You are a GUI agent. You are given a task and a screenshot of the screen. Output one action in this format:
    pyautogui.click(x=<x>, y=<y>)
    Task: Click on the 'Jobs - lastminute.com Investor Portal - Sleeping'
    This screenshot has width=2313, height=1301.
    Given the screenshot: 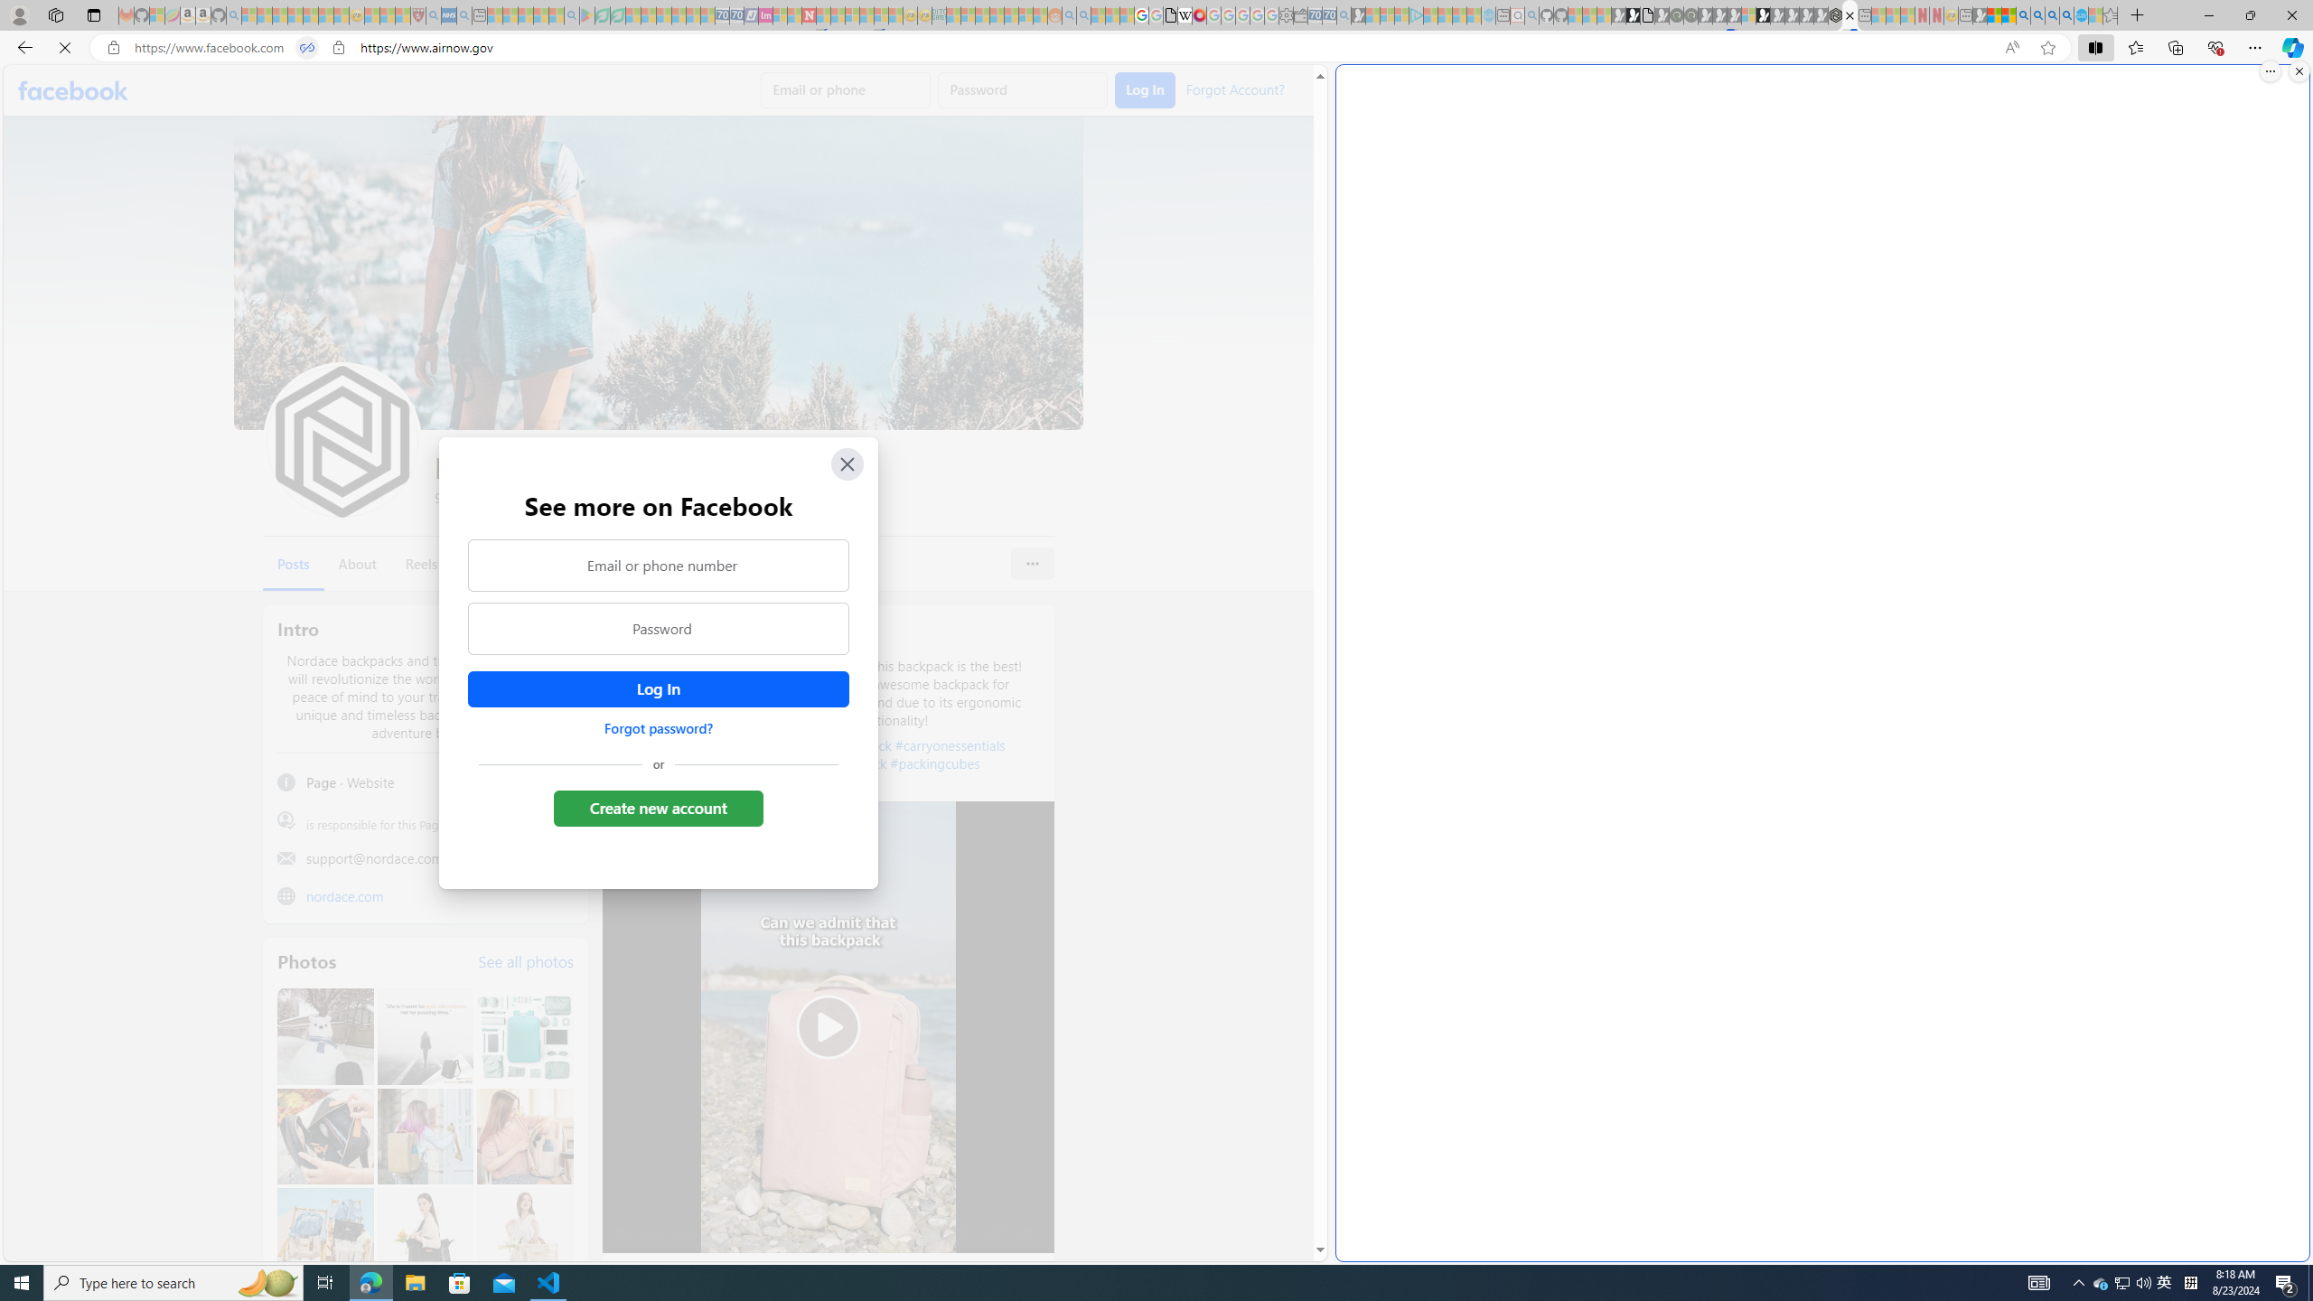 What is the action you would take?
    pyautogui.click(x=765, y=14)
    